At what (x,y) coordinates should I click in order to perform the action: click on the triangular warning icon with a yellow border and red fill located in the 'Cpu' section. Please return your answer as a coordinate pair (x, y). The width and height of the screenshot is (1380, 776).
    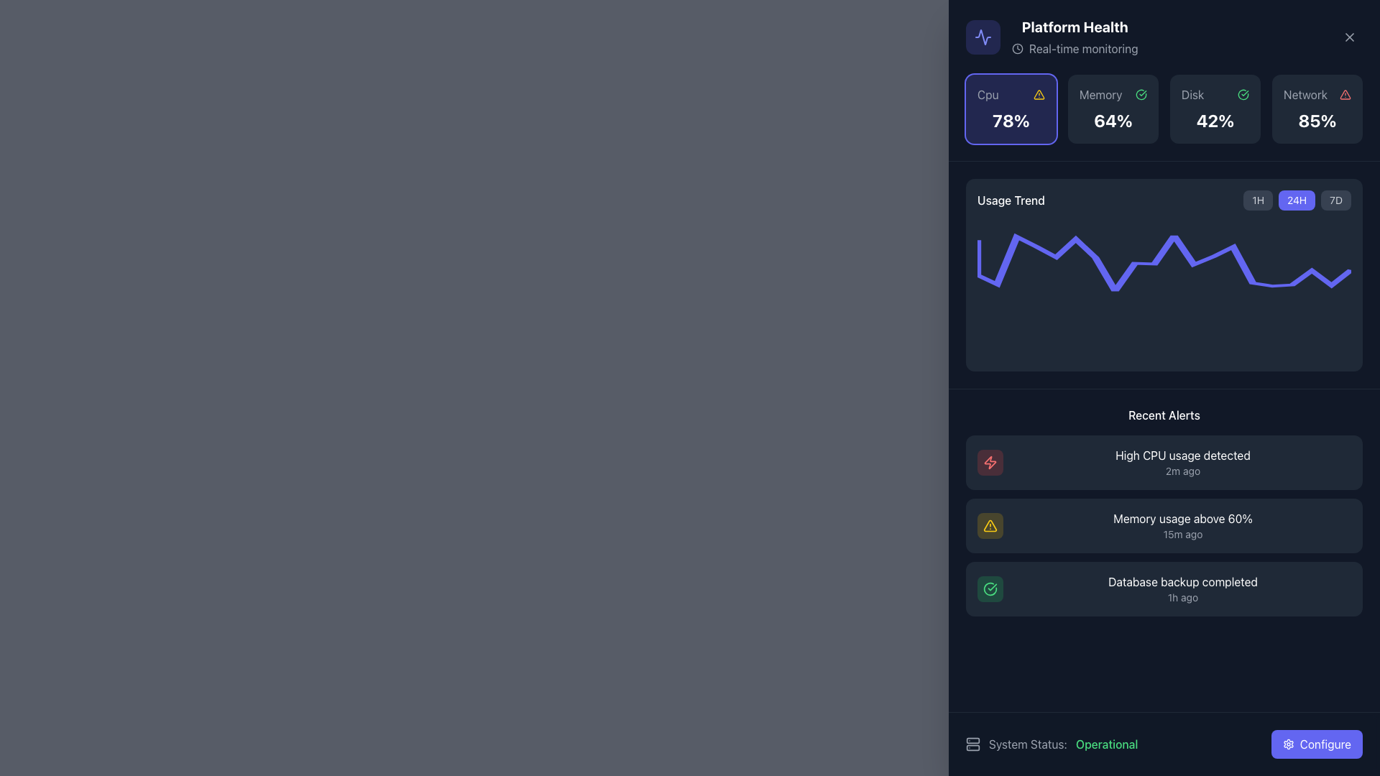
    Looking at the image, I should click on (1039, 94).